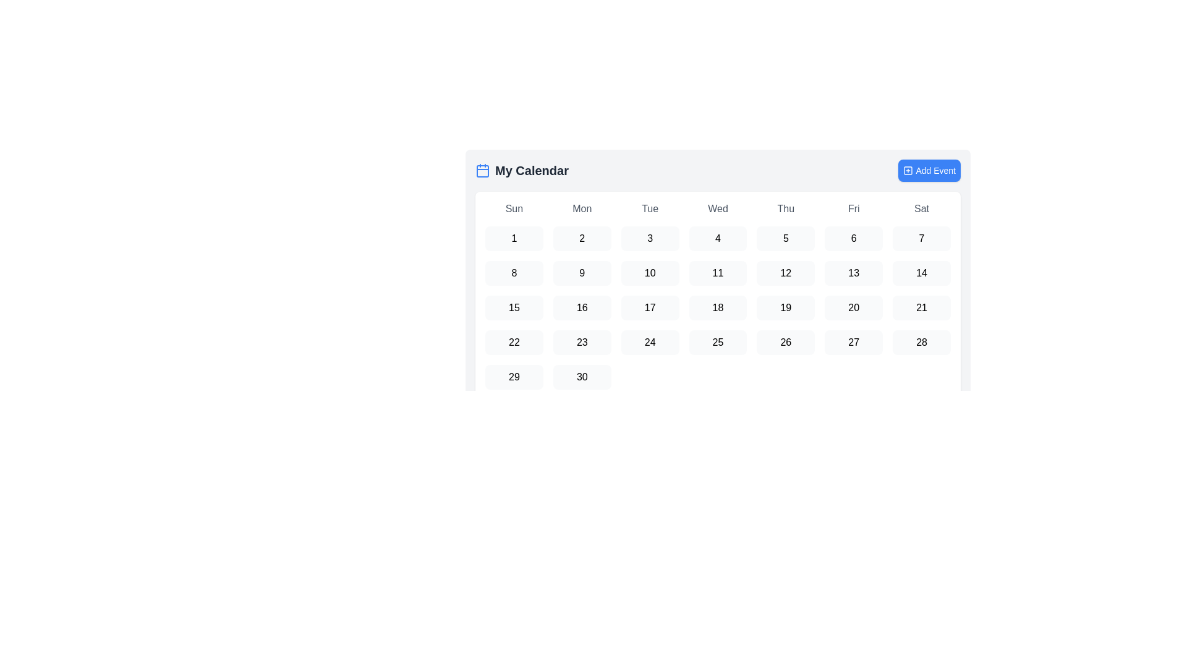 This screenshot has width=1187, height=668. I want to click on the text label displaying 'Wed' in the top row of the calendar layout, which is centered and gray in color, so click(718, 208).